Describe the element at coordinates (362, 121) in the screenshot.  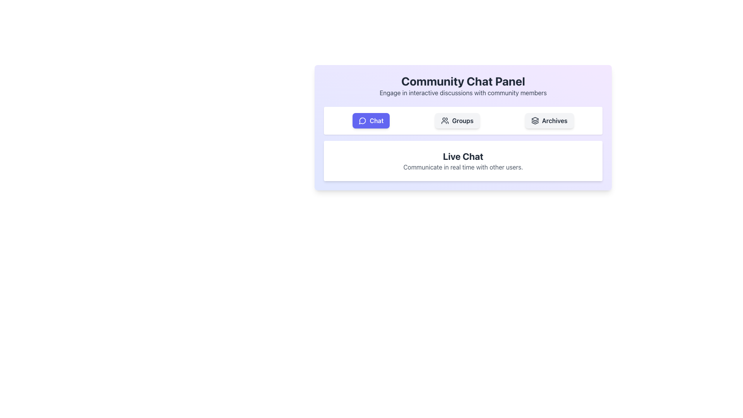
I see `the decorative 'Chat' icon located within the 'Chat' button, positioned to the left of the text` at that location.